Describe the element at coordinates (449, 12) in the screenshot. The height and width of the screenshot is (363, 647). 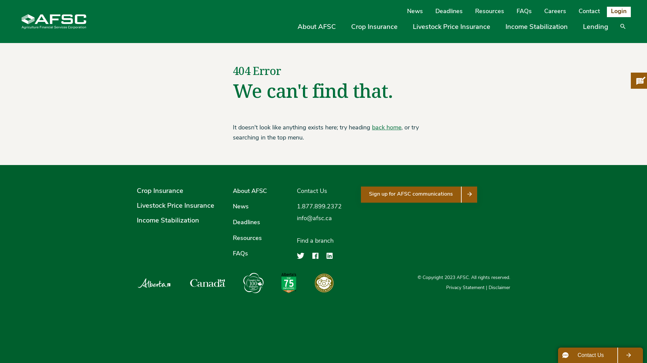
I see `'Deadlines'` at that location.